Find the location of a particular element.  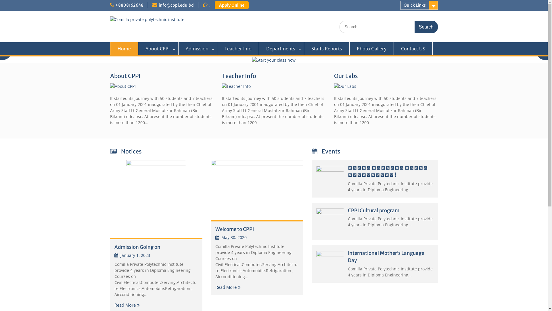

'Home' is located at coordinates (124, 48).